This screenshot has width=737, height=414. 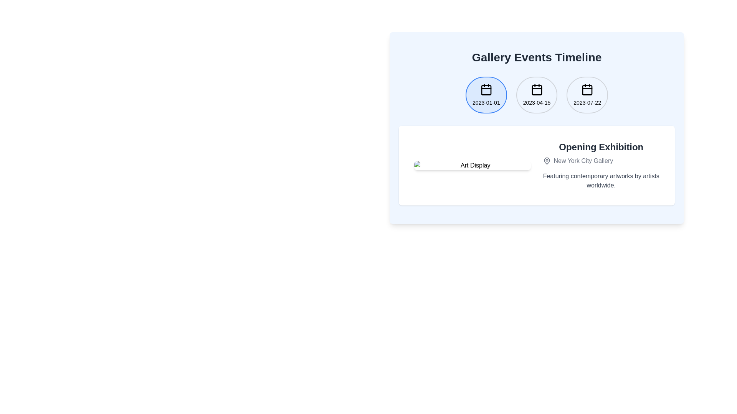 I want to click on the pin-shaped icon indicating a location in the 'Opening Exhibition' section near 'New York City Gallery' if it is interactive, so click(x=546, y=161).